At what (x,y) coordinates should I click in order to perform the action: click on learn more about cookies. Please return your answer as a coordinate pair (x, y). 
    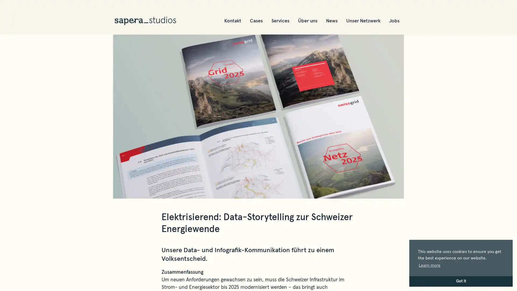
    Looking at the image, I should click on (429, 265).